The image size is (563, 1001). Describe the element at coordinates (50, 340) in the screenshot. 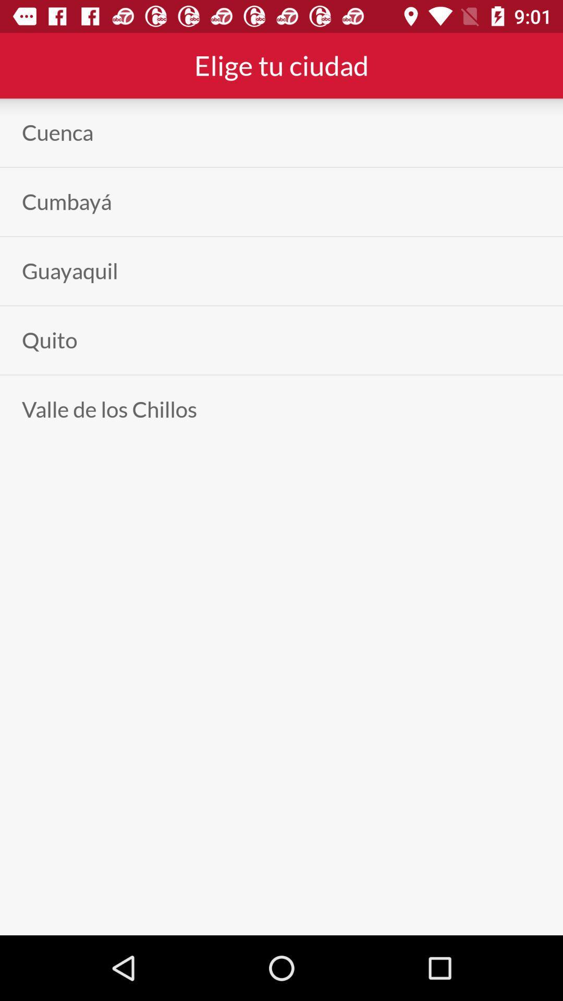

I see `the item below the guayaquil icon` at that location.